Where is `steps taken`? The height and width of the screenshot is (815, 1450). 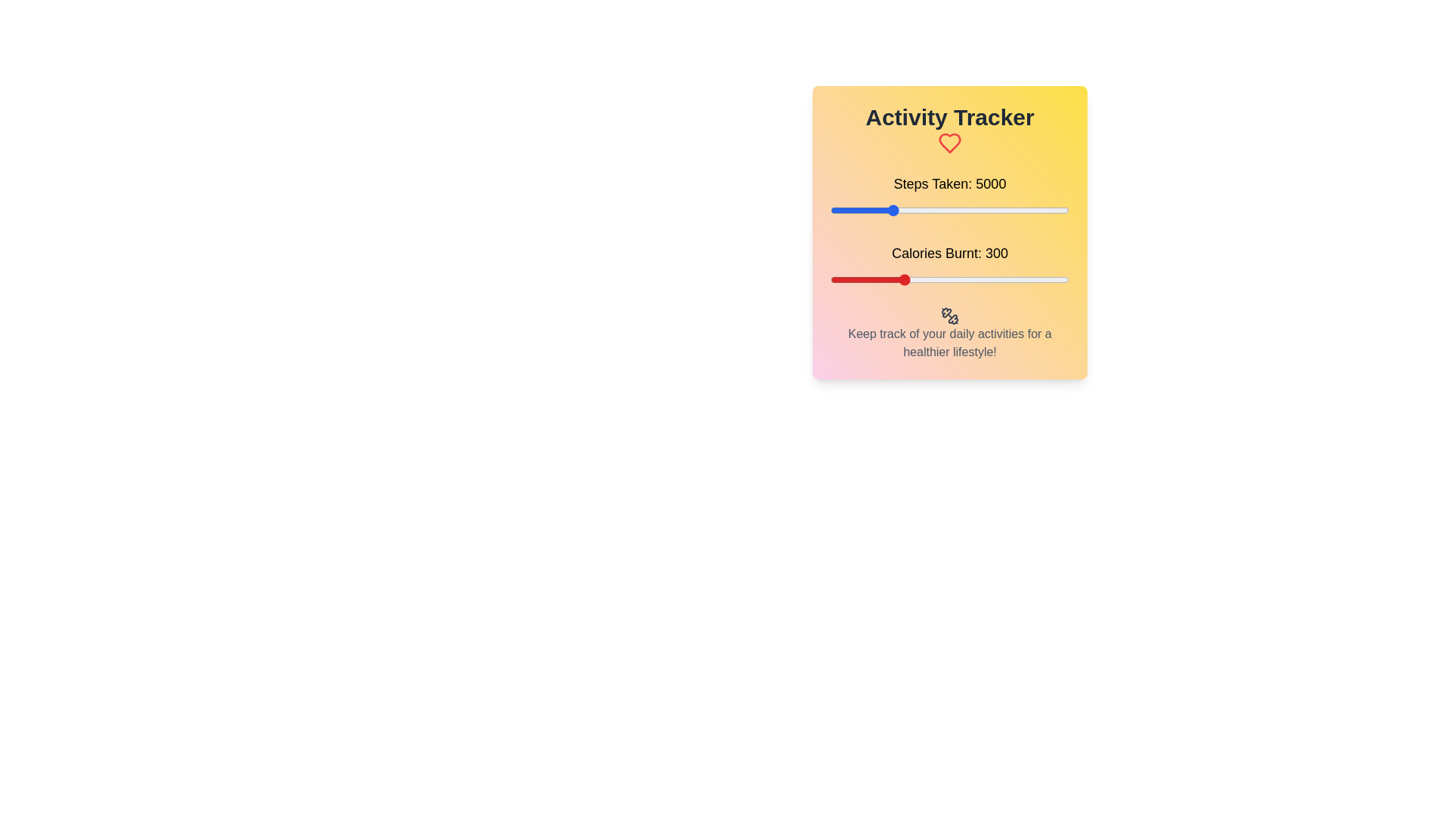
steps taken is located at coordinates (1040, 210).